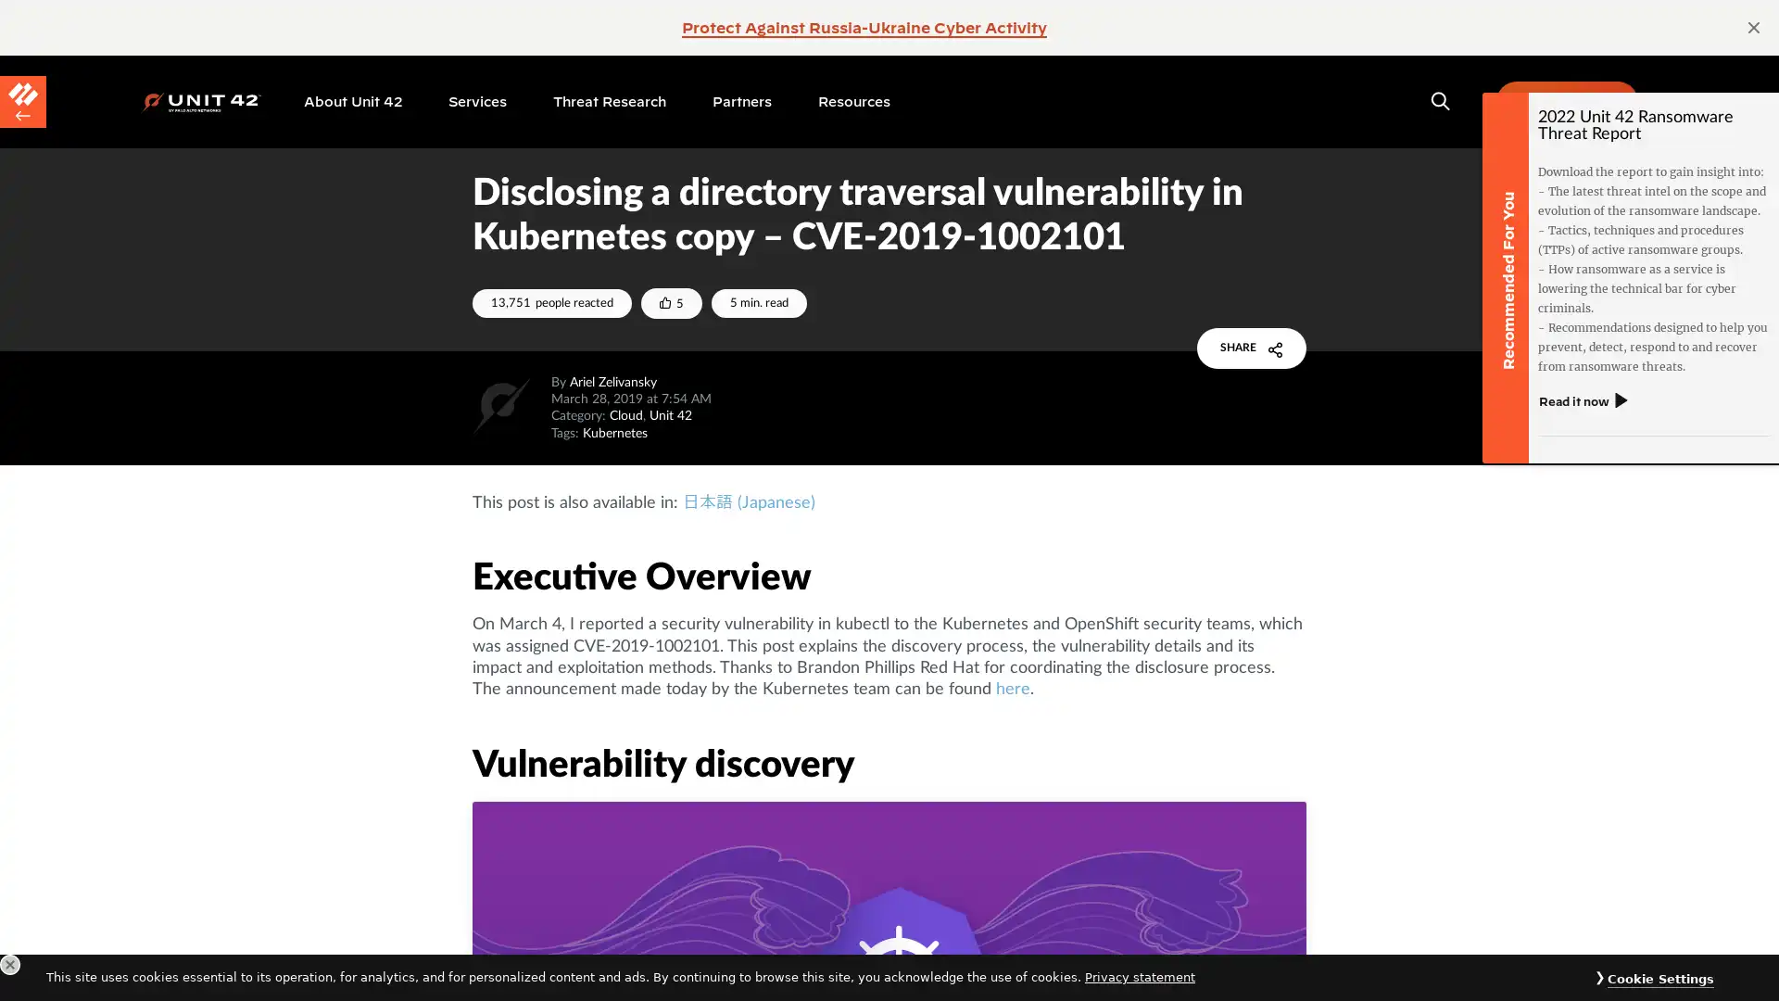  What do you see at coordinates (1752, 28) in the screenshot?
I see `page alert close` at bounding box center [1752, 28].